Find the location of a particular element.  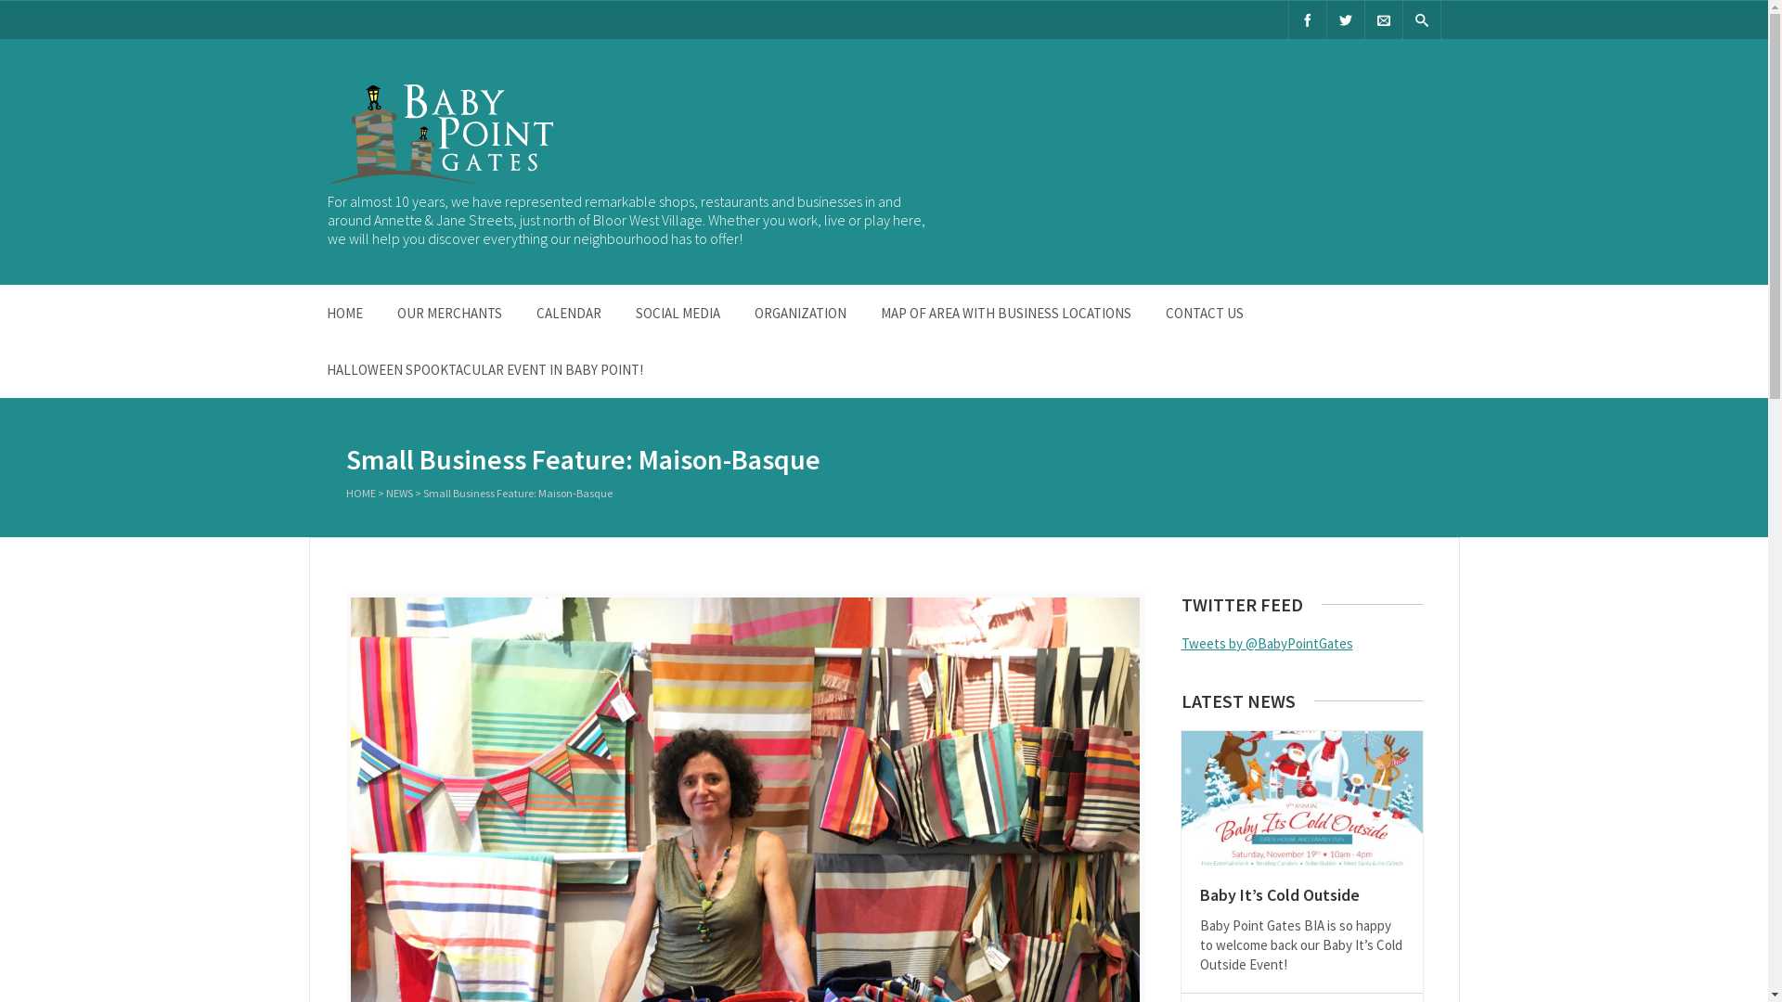

'HOME' is located at coordinates (307, 312).